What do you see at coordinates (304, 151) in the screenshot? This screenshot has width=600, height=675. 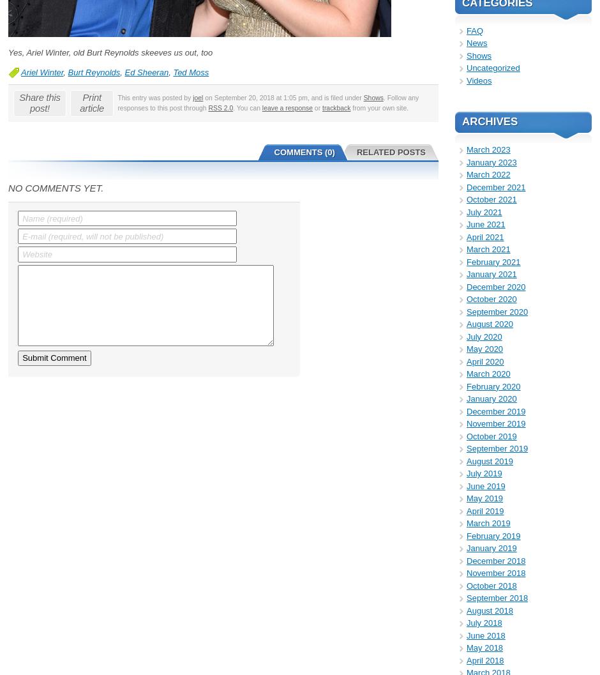 I see `'Comments (0)'` at bounding box center [304, 151].